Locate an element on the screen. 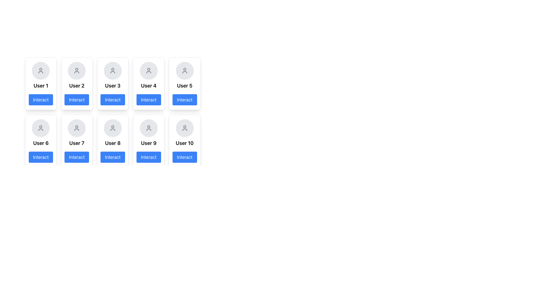 This screenshot has width=536, height=301. the user profile summary card that contains an avatar icon, a text label, and an 'Interact' button, which is the second element in the top row of the grid layout is located at coordinates (76, 84).